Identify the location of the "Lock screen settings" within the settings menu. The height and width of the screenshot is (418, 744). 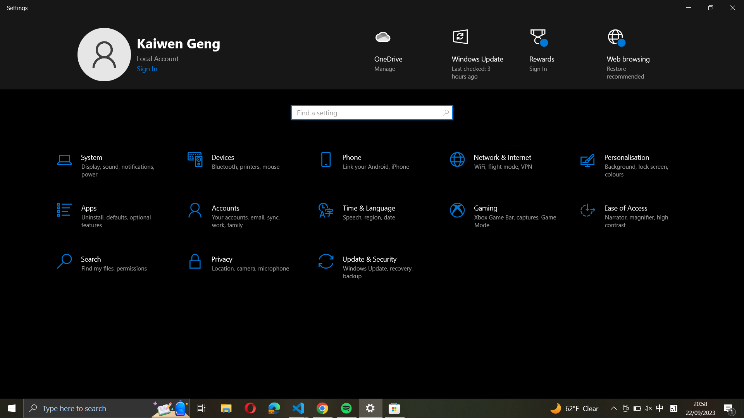
(371, 112).